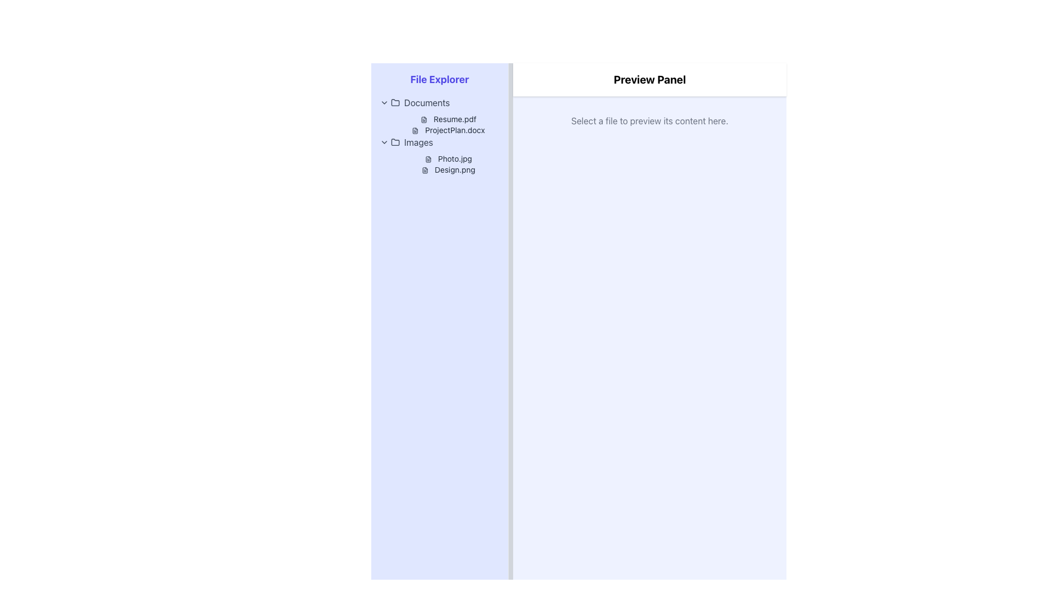  I want to click on the document icon located to the left of the 'Design.png' text in the 'Images' folder, so click(424, 170).